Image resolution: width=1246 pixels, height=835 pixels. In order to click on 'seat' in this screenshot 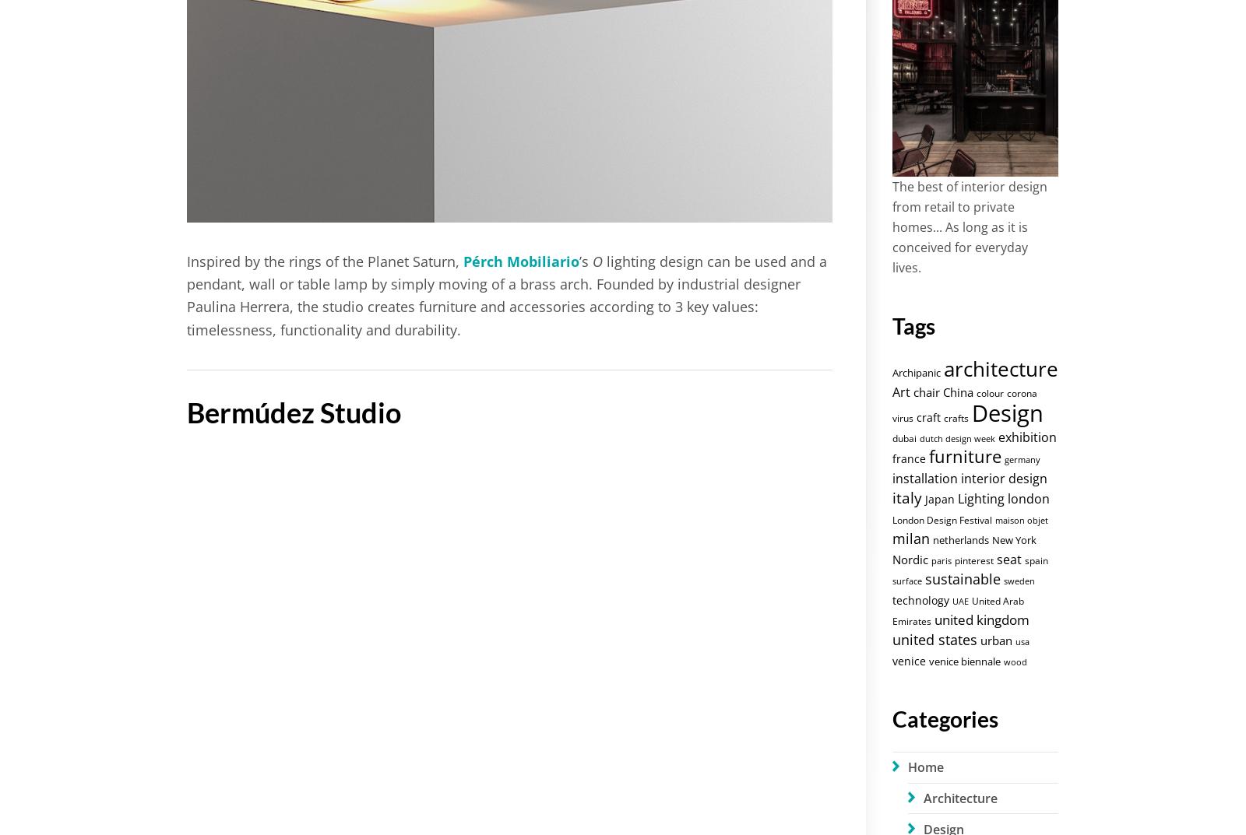, I will do `click(1008, 558)`.